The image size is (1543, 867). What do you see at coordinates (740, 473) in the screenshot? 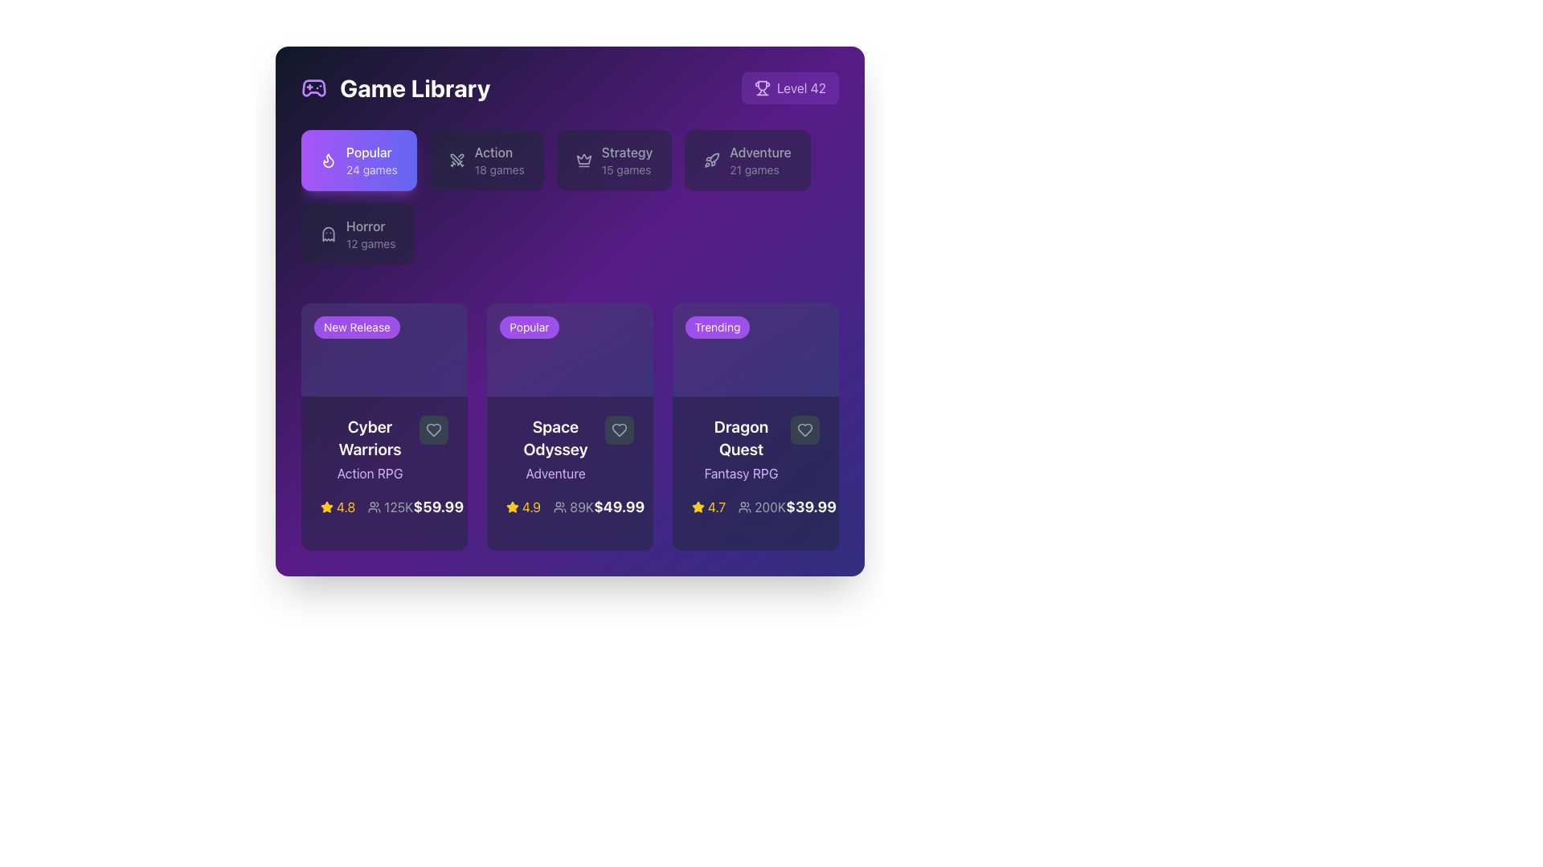
I see `the Text Label element containing the text 'Fantasy RPG', which is styled in light purple color and positioned below the title 'Dragon Quest'` at bounding box center [740, 473].